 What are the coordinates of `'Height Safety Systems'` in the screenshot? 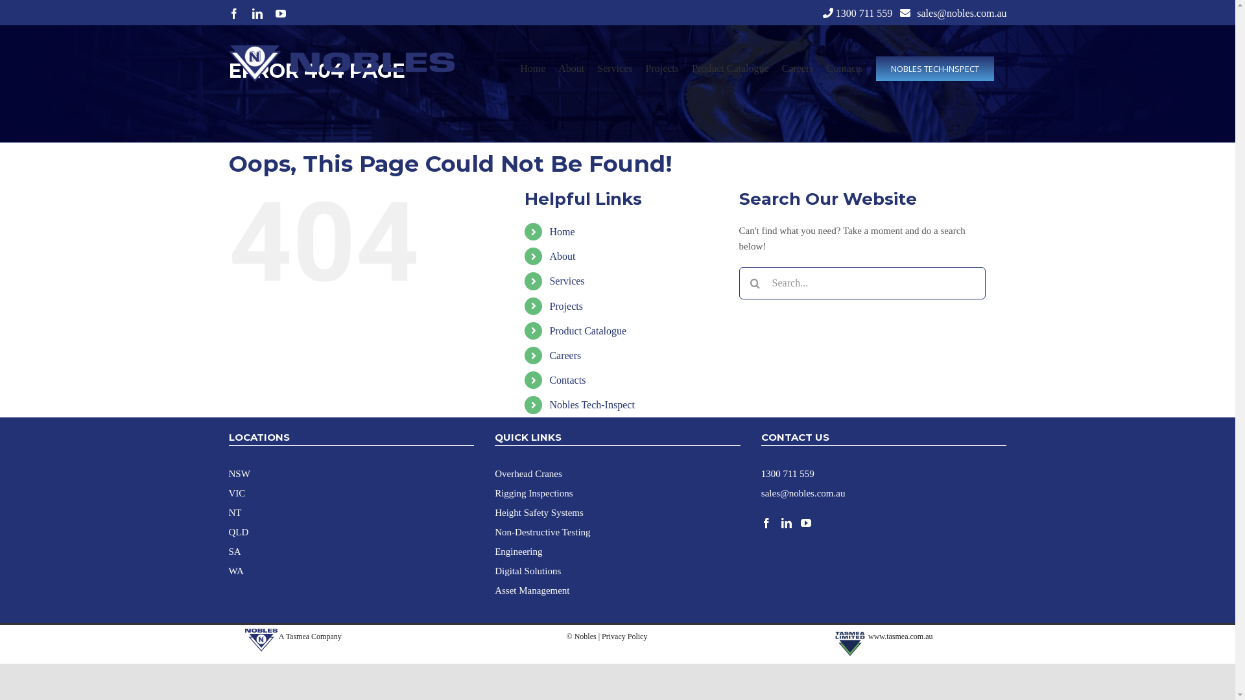 It's located at (539, 511).